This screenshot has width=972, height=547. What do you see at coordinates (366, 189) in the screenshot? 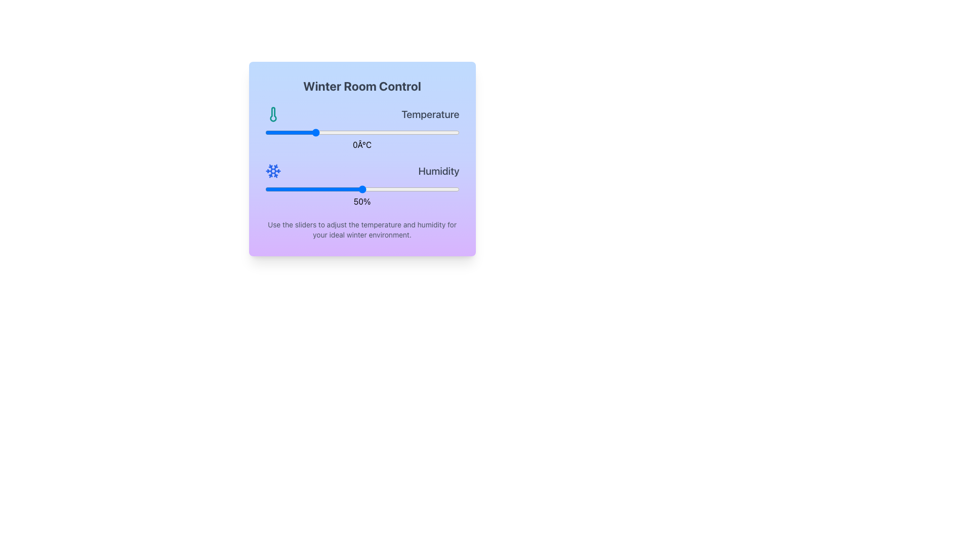
I see `humidity level` at bounding box center [366, 189].